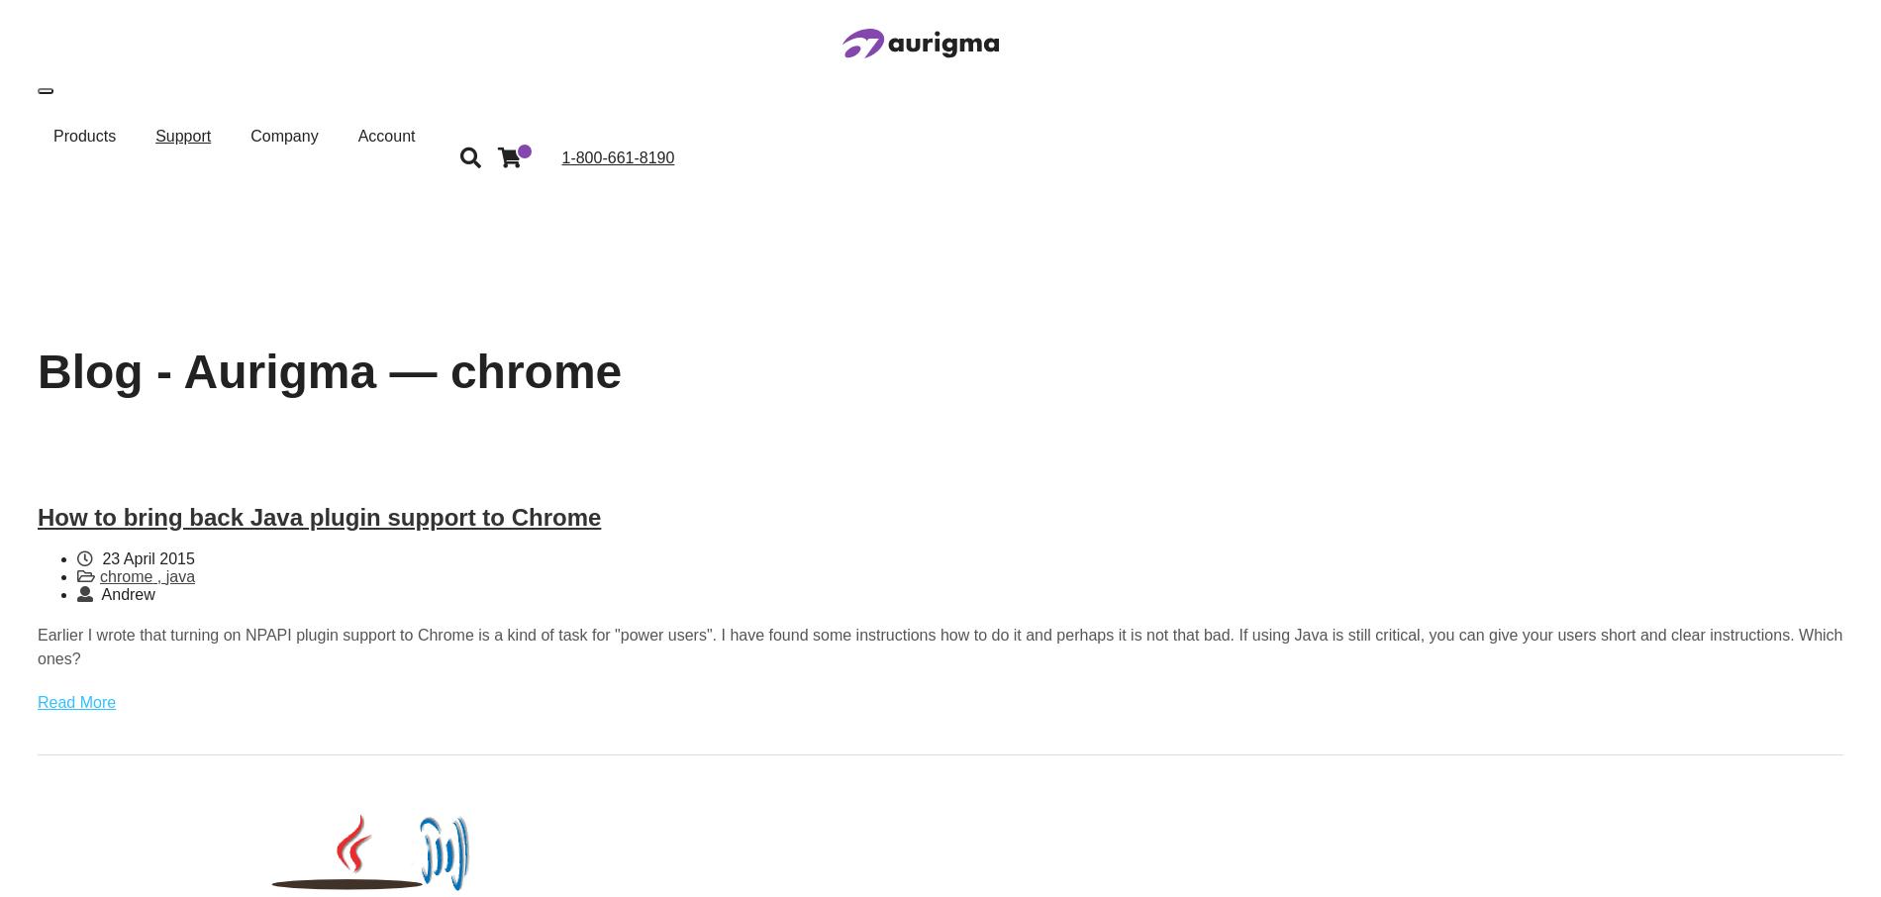 The height and width of the screenshot is (897, 1881). What do you see at coordinates (939, 646) in the screenshot?
I see `'Earlier I wrote that turning on NPAPI plugin support to Chrome is a kind of task for "power users". I have found some instructions how to do it and perhaps it is not that bad. If using Java is still critical, you can give your users short and clear instructions. Which ones?'` at bounding box center [939, 646].